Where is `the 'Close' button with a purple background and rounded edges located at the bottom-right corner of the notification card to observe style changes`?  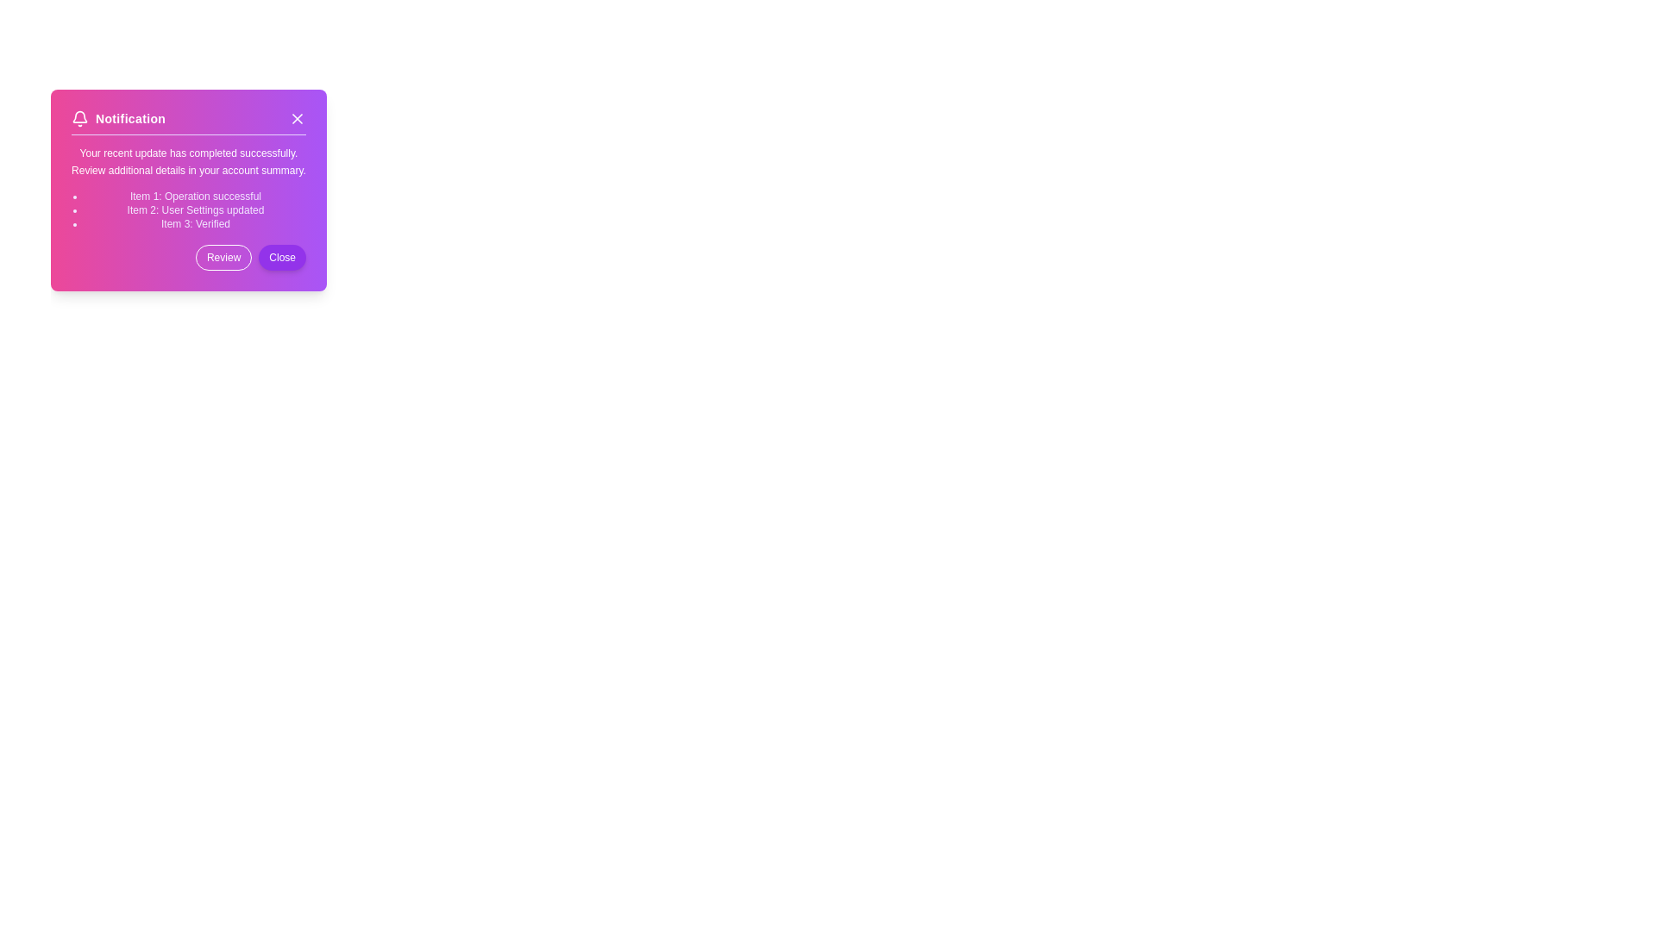 the 'Close' button with a purple background and rounded edges located at the bottom-right corner of the notification card to observe style changes is located at coordinates (282, 258).